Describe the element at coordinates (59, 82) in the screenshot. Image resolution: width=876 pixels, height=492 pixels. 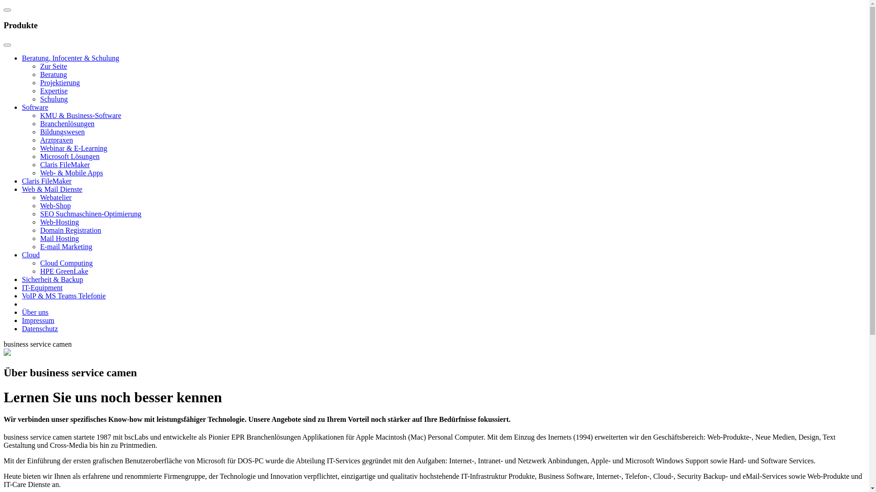
I see `'Projektierung'` at that location.